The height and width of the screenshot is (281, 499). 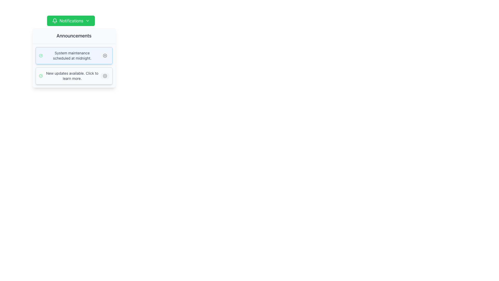 I want to click on the notification text label that informs users about updates, located between a green checkmark icon and a gray dismiss icon, so click(x=72, y=76).